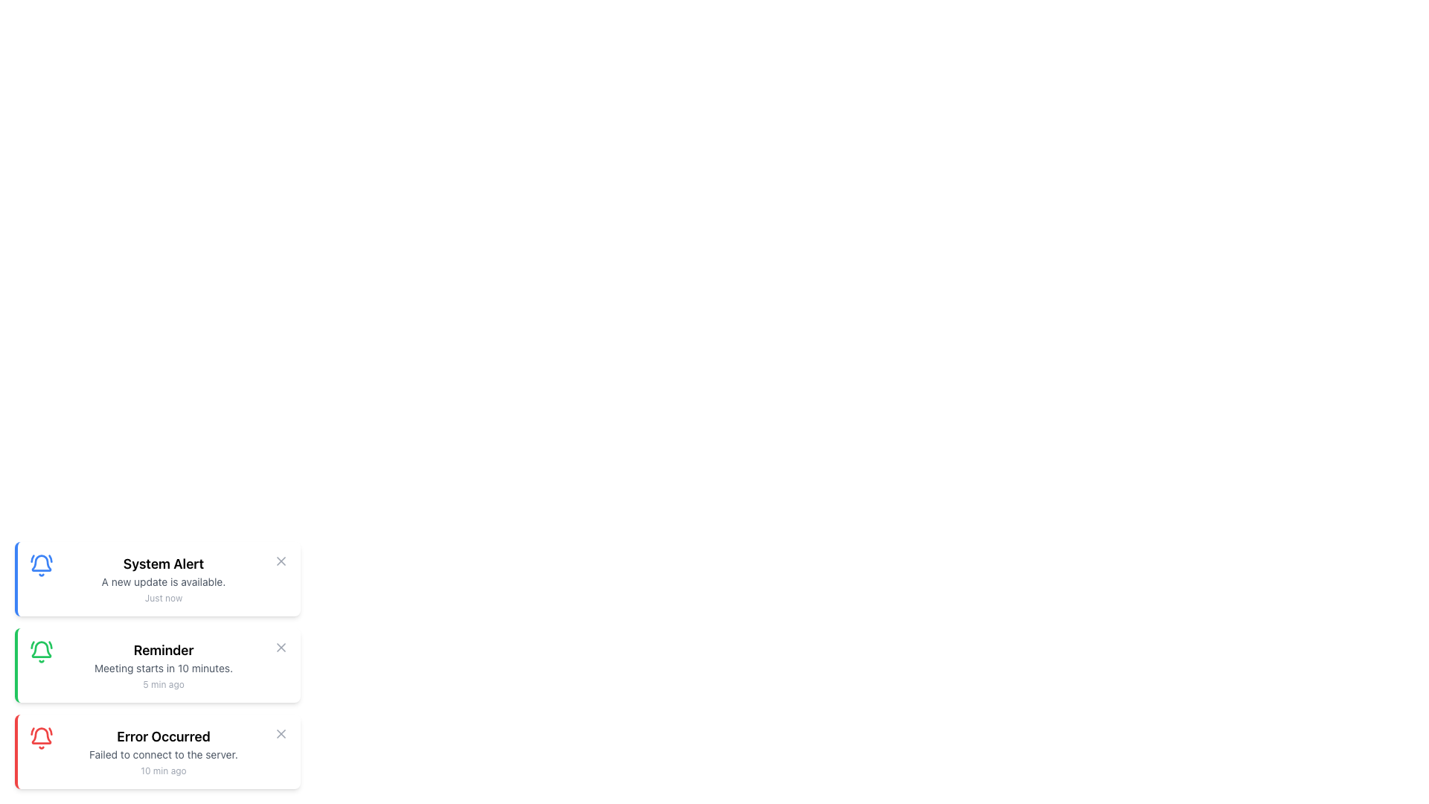  I want to click on the red bell icon indicating an alert located above the 'Error Occurred' text in the alert box, so click(42, 738).